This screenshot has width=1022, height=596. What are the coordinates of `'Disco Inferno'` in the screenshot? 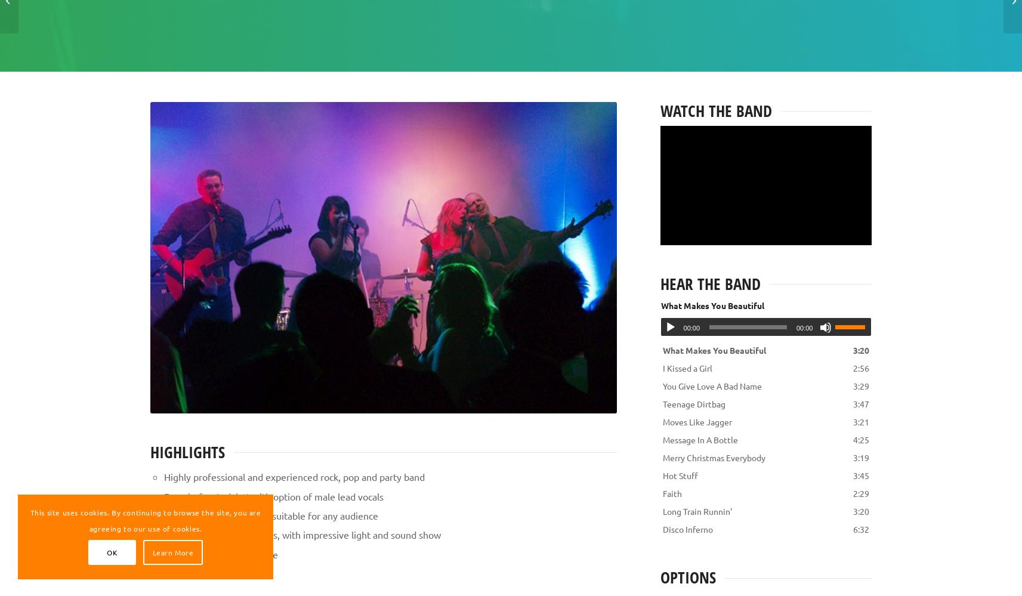 It's located at (686, 529).